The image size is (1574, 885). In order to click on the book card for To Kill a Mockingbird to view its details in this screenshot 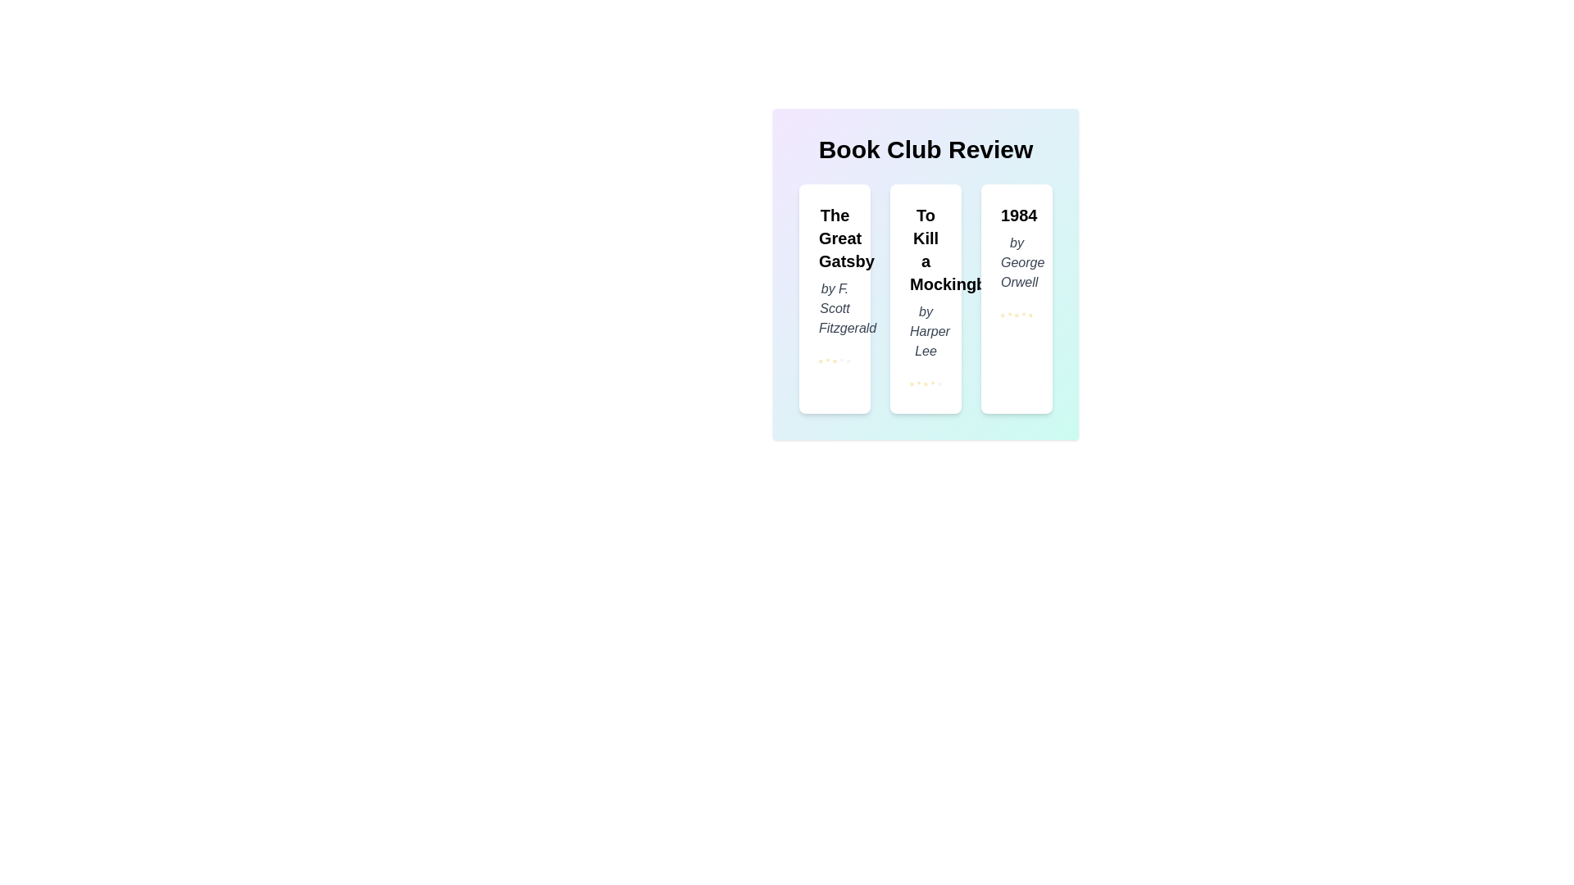, I will do `click(926, 299)`.